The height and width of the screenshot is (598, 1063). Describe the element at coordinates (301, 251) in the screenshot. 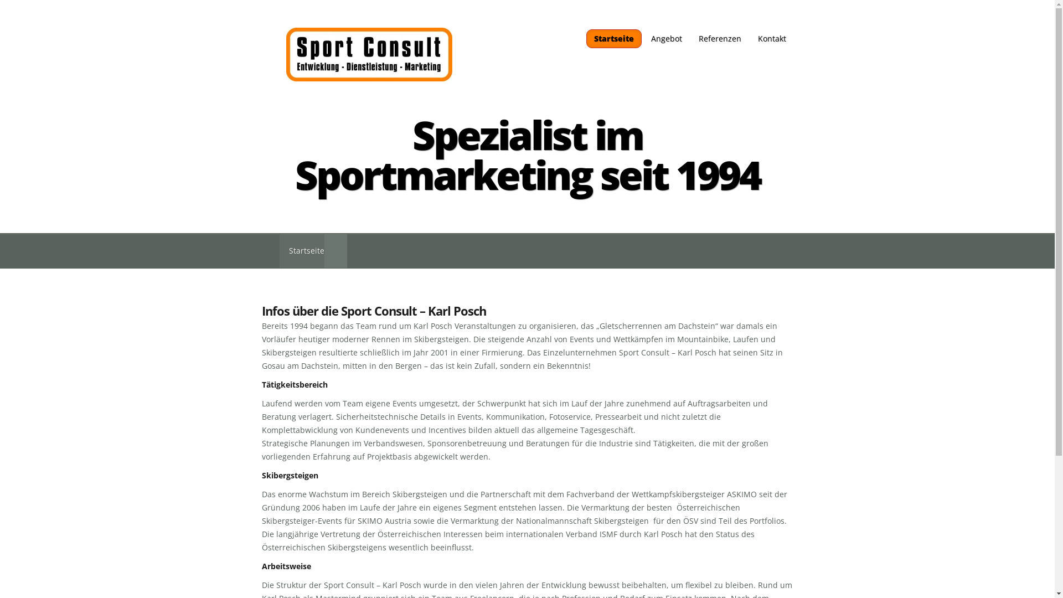

I see `'Startseite'` at that location.